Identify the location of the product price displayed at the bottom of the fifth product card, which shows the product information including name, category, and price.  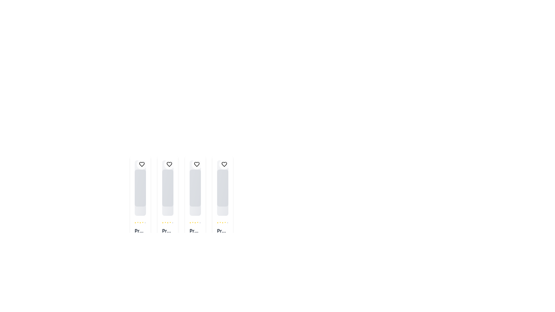
(222, 237).